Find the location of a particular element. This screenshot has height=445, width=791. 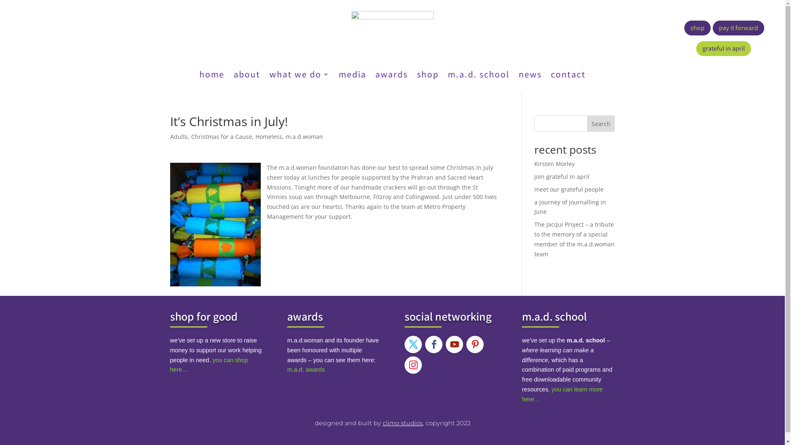

'Follow on Pinterest' is located at coordinates (475, 344).